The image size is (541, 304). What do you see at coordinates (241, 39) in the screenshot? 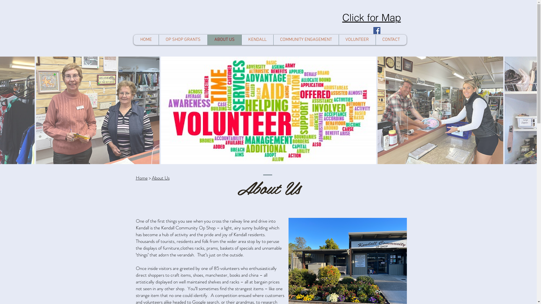
I see `'KENDALL'` at bounding box center [241, 39].